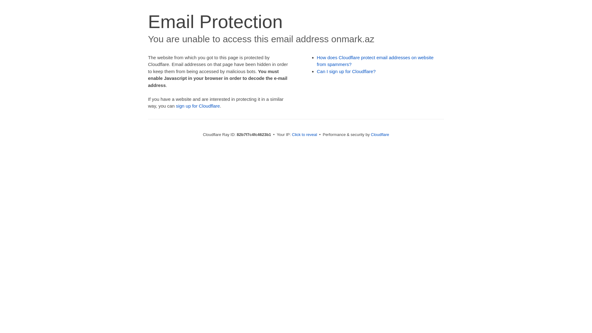  I want to click on 'Click to reveal', so click(305, 134).